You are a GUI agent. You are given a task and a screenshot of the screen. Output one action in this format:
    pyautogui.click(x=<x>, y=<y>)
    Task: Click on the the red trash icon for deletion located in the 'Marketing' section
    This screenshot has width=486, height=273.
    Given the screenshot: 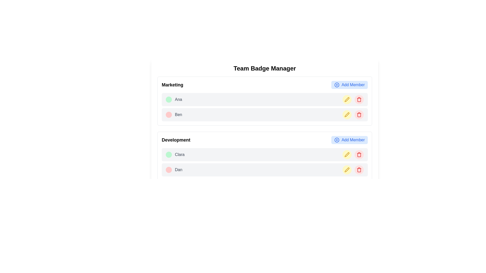 What is the action you would take?
    pyautogui.click(x=359, y=115)
    